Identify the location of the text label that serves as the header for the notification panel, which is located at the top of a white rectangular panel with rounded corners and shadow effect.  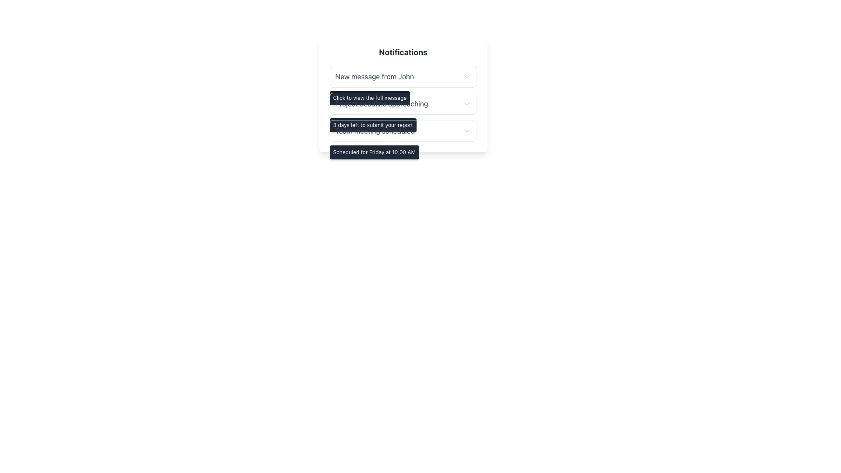
(403, 52).